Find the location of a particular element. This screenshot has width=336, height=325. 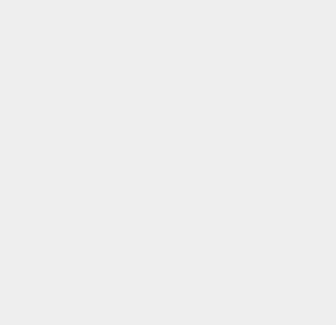

'TypePad' is located at coordinates (246, 124).